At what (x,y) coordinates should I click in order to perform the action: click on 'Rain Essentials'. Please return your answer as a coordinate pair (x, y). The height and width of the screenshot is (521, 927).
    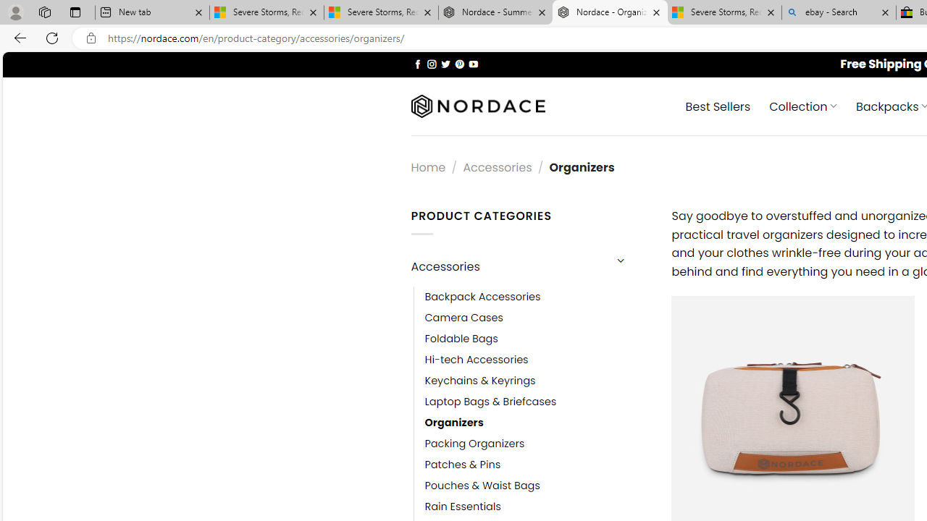
    Looking at the image, I should click on (462, 506).